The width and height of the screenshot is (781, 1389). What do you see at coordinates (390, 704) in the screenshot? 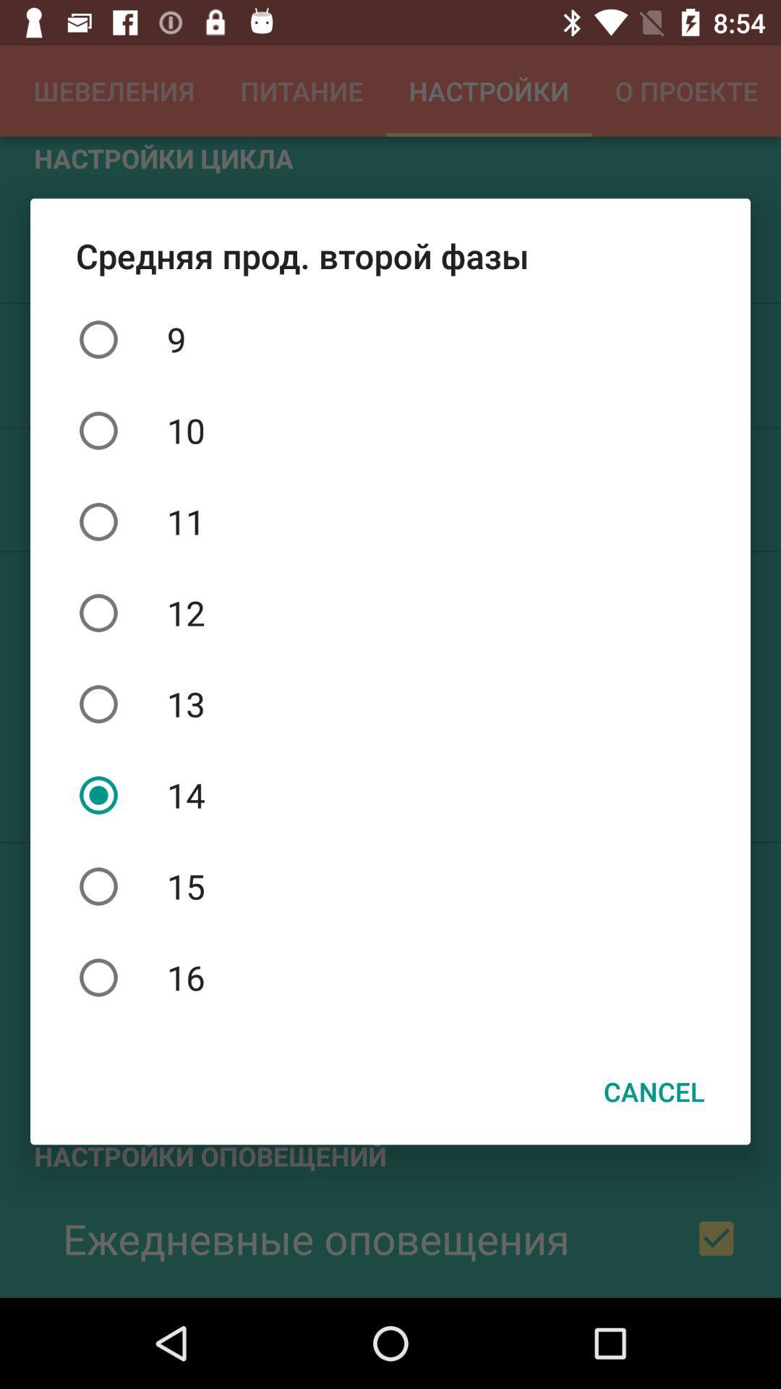
I see `icon above 14 icon` at bounding box center [390, 704].